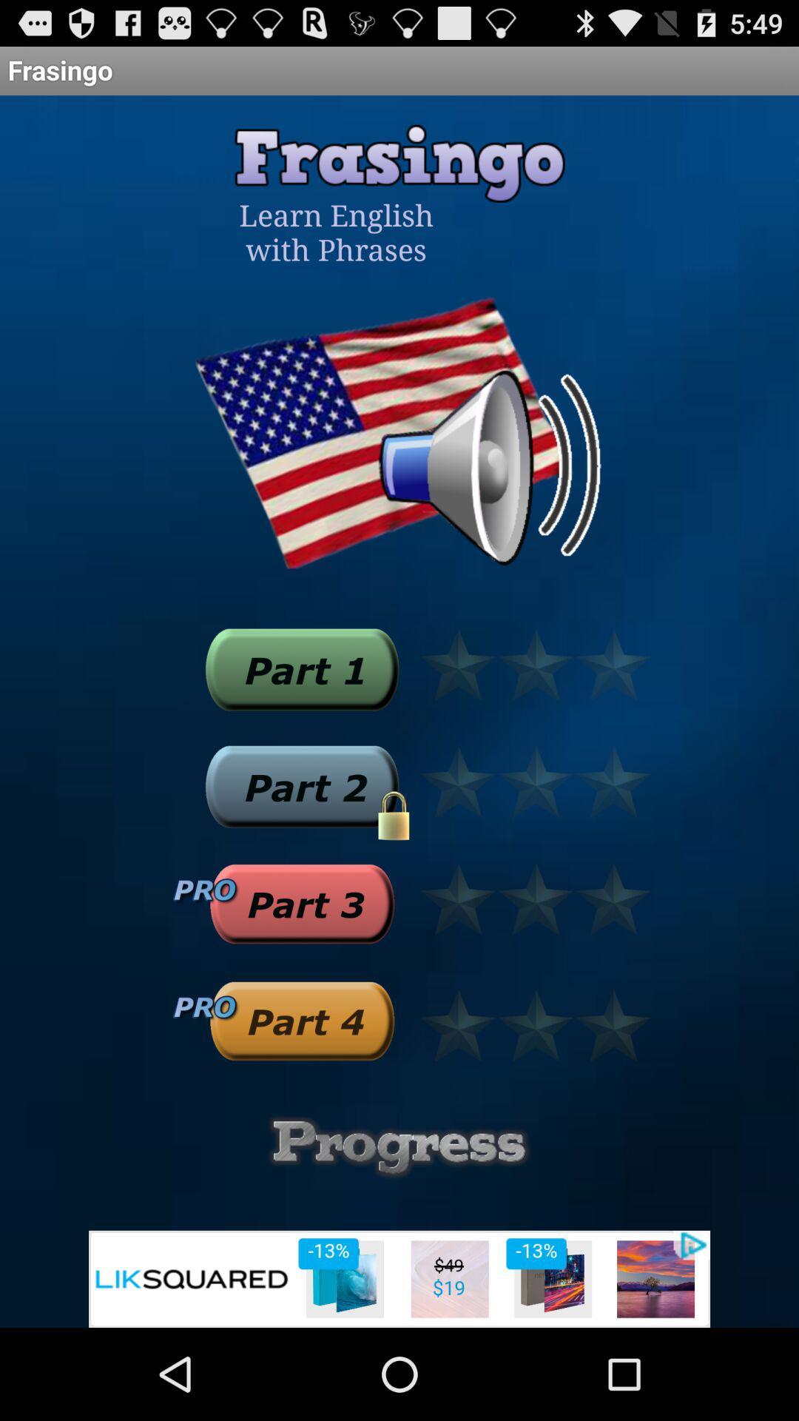 The image size is (799, 1421). Describe the element at coordinates (301, 903) in the screenshot. I see `part 3 lessons` at that location.